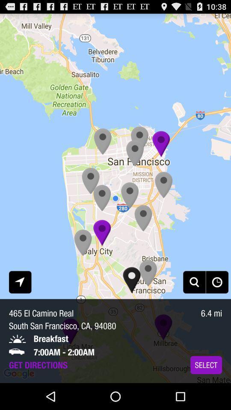 This screenshot has height=410, width=231. What do you see at coordinates (194, 302) in the screenshot?
I see `the search icon` at bounding box center [194, 302].